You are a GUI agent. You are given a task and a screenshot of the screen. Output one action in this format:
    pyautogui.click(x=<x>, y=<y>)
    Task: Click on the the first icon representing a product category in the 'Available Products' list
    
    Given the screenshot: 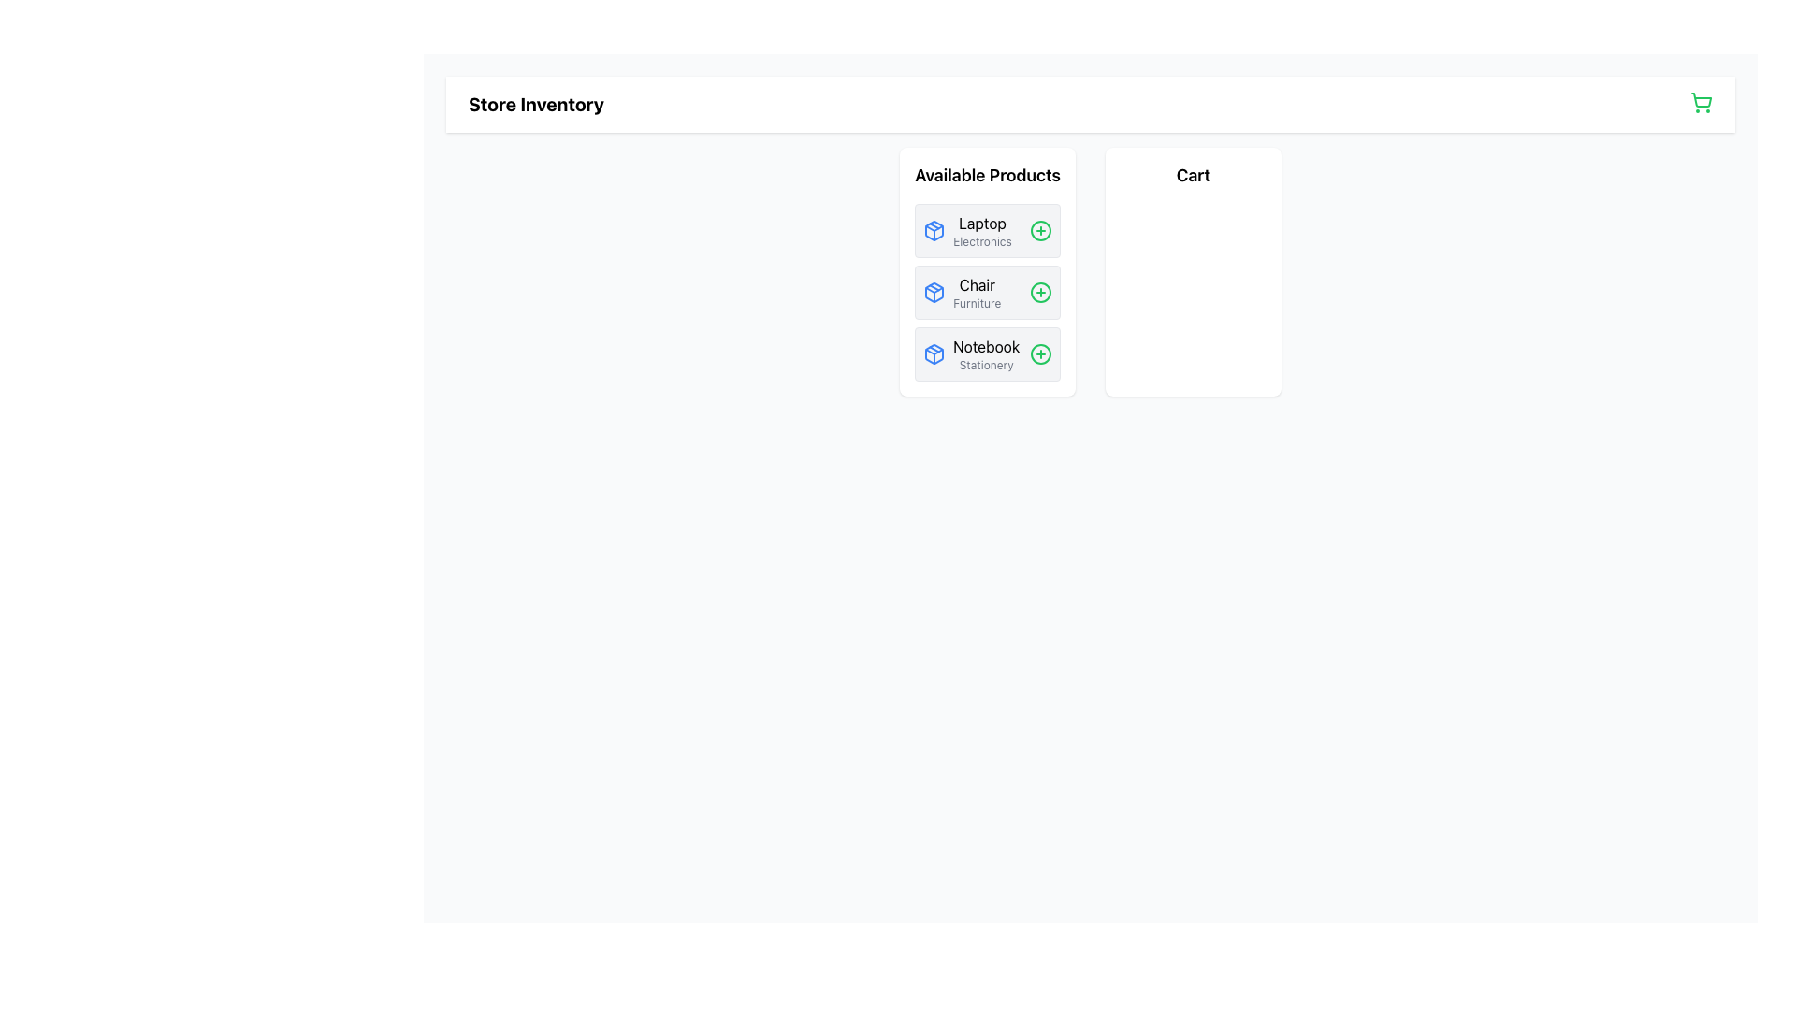 What is the action you would take?
    pyautogui.click(x=934, y=229)
    